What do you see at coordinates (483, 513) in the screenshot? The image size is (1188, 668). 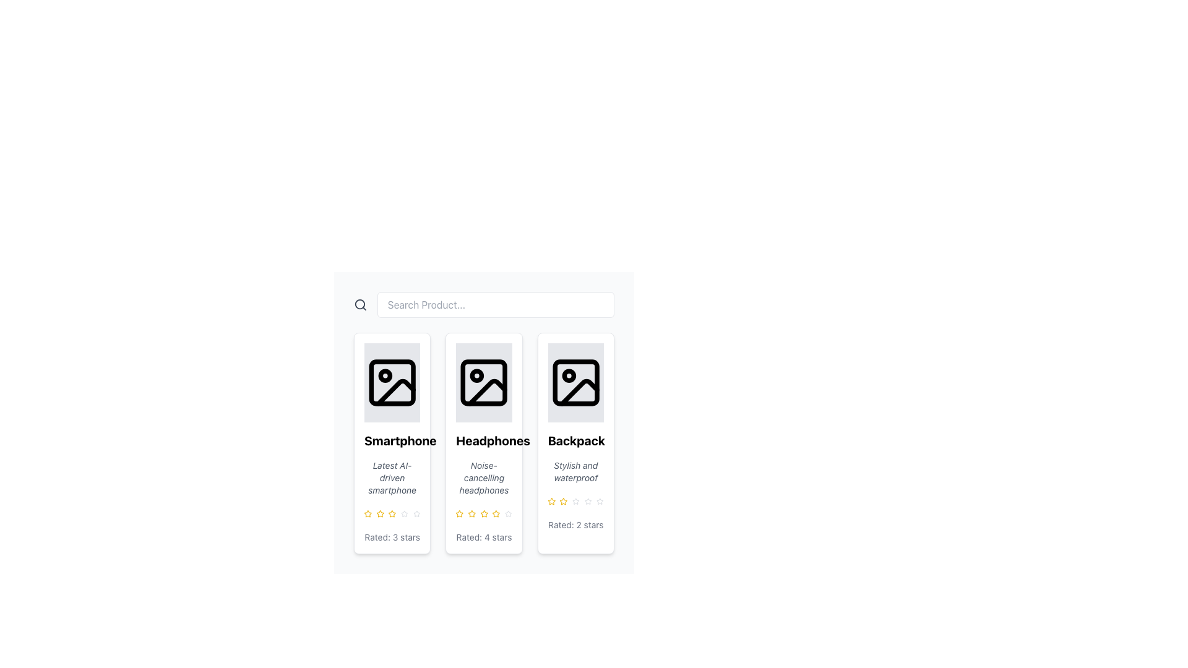 I see `the fourth yellow star icon in the Rating Star sequence on the Headphones product card` at bounding box center [483, 513].